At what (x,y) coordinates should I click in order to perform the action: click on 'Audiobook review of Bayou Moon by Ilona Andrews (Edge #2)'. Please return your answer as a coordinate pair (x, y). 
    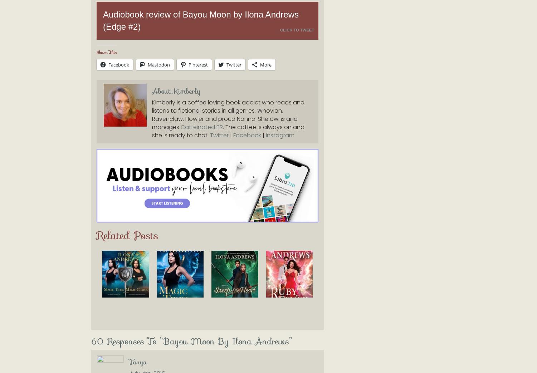
    Looking at the image, I should click on (201, 20).